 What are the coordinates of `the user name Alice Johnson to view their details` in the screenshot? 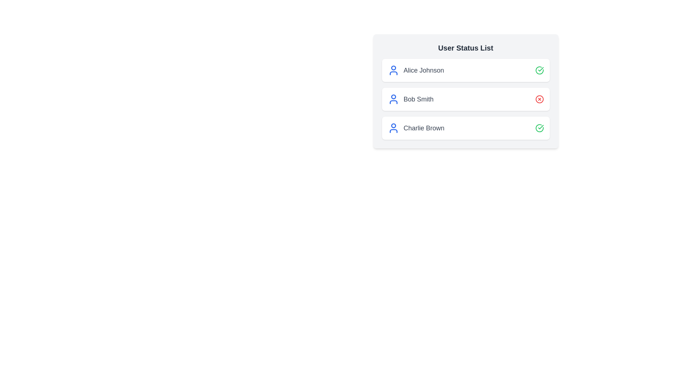 It's located at (424, 70).